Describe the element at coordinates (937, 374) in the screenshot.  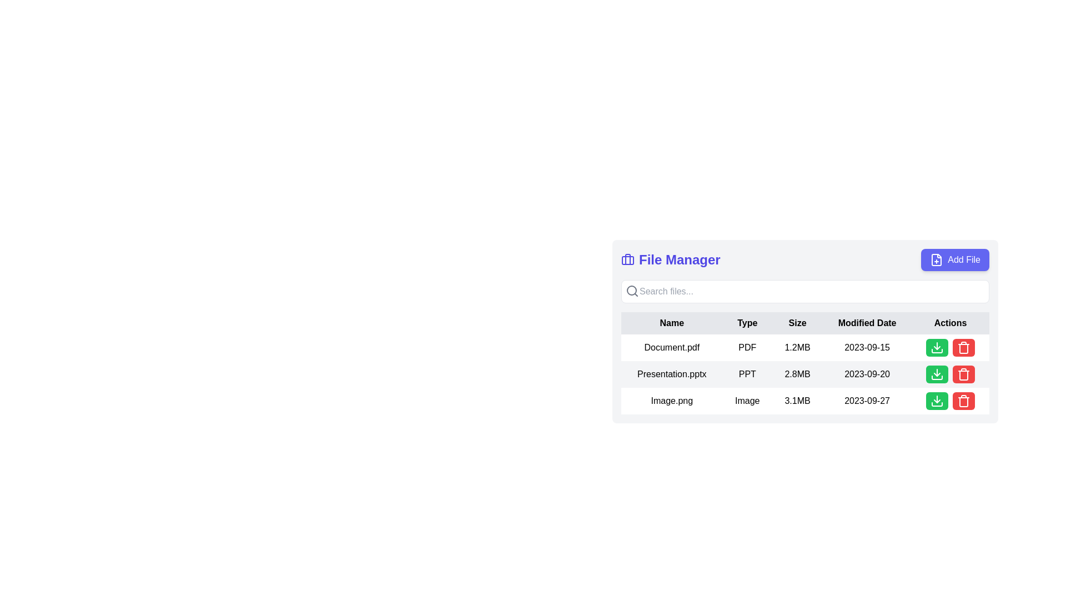
I see `the download button with a downward-pointing arrow embedded within a green rectangular button located in the 'Actions' column of the 'Presentation.pptx' row` at that location.